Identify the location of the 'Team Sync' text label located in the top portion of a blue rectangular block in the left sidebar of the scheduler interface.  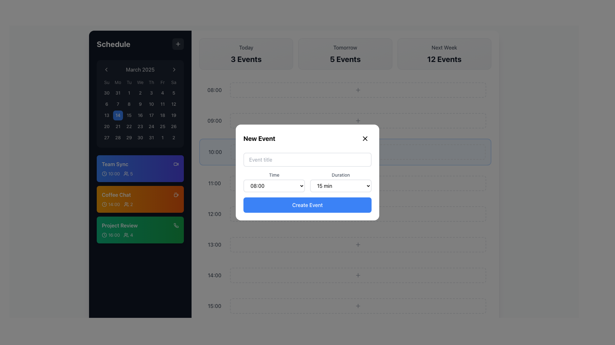
(115, 164).